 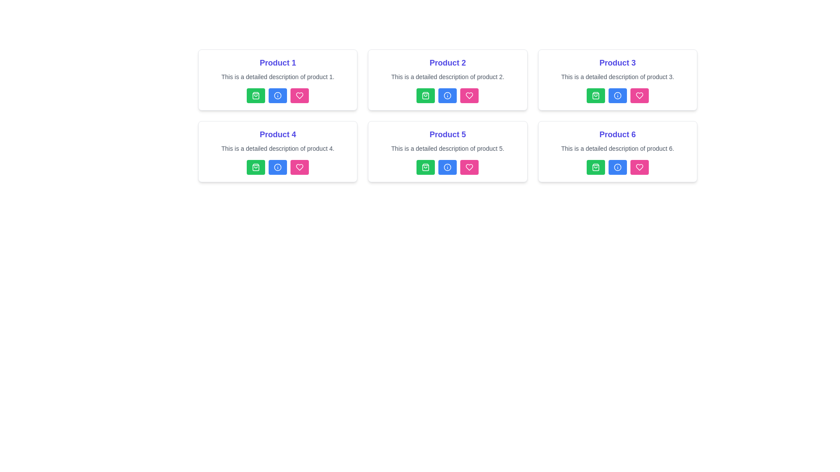 What do you see at coordinates (639, 167) in the screenshot?
I see `the 'like' or 'favorite' button, which is the third icon in the action button row below the description of the product card titled 'Product 6' located at the bottom right of the interface` at bounding box center [639, 167].